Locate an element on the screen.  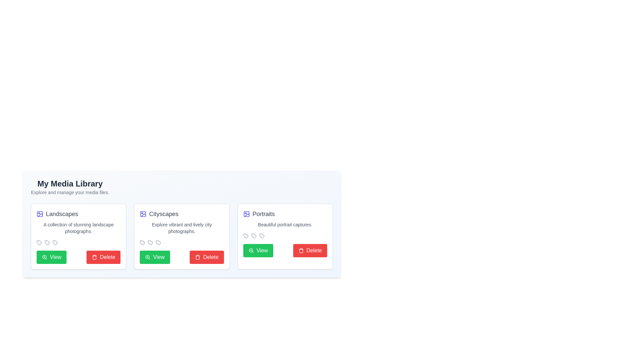
the image icon with a distinct indigo color located at the top-left corner of the 'Portraits' card is located at coordinates (246, 214).